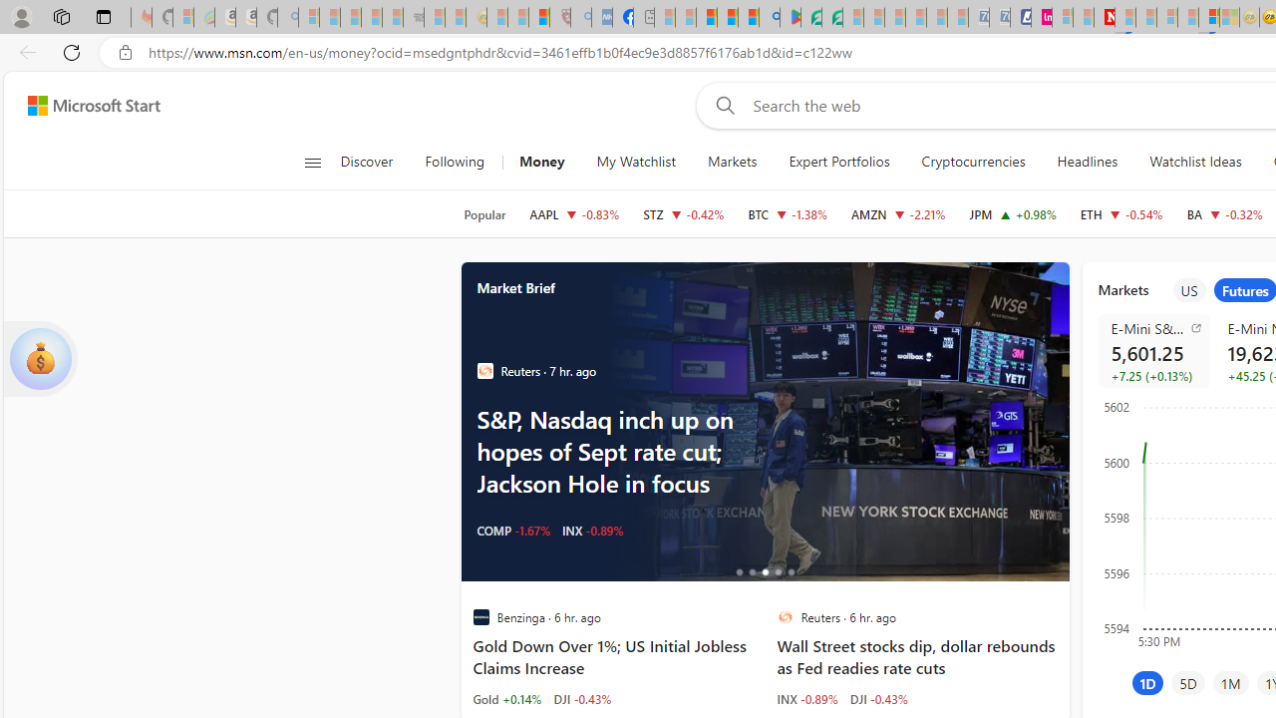  What do you see at coordinates (1195, 162) in the screenshot?
I see `'Watchlist Ideas'` at bounding box center [1195, 162].